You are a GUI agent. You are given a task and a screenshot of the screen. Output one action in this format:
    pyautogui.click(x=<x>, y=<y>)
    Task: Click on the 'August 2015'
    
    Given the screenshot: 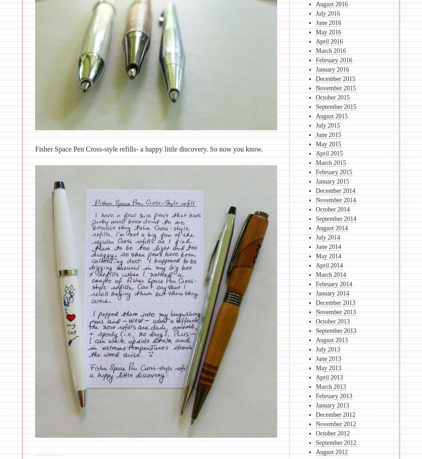 What is the action you would take?
    pyautogui.click(x=331, y=116)
    